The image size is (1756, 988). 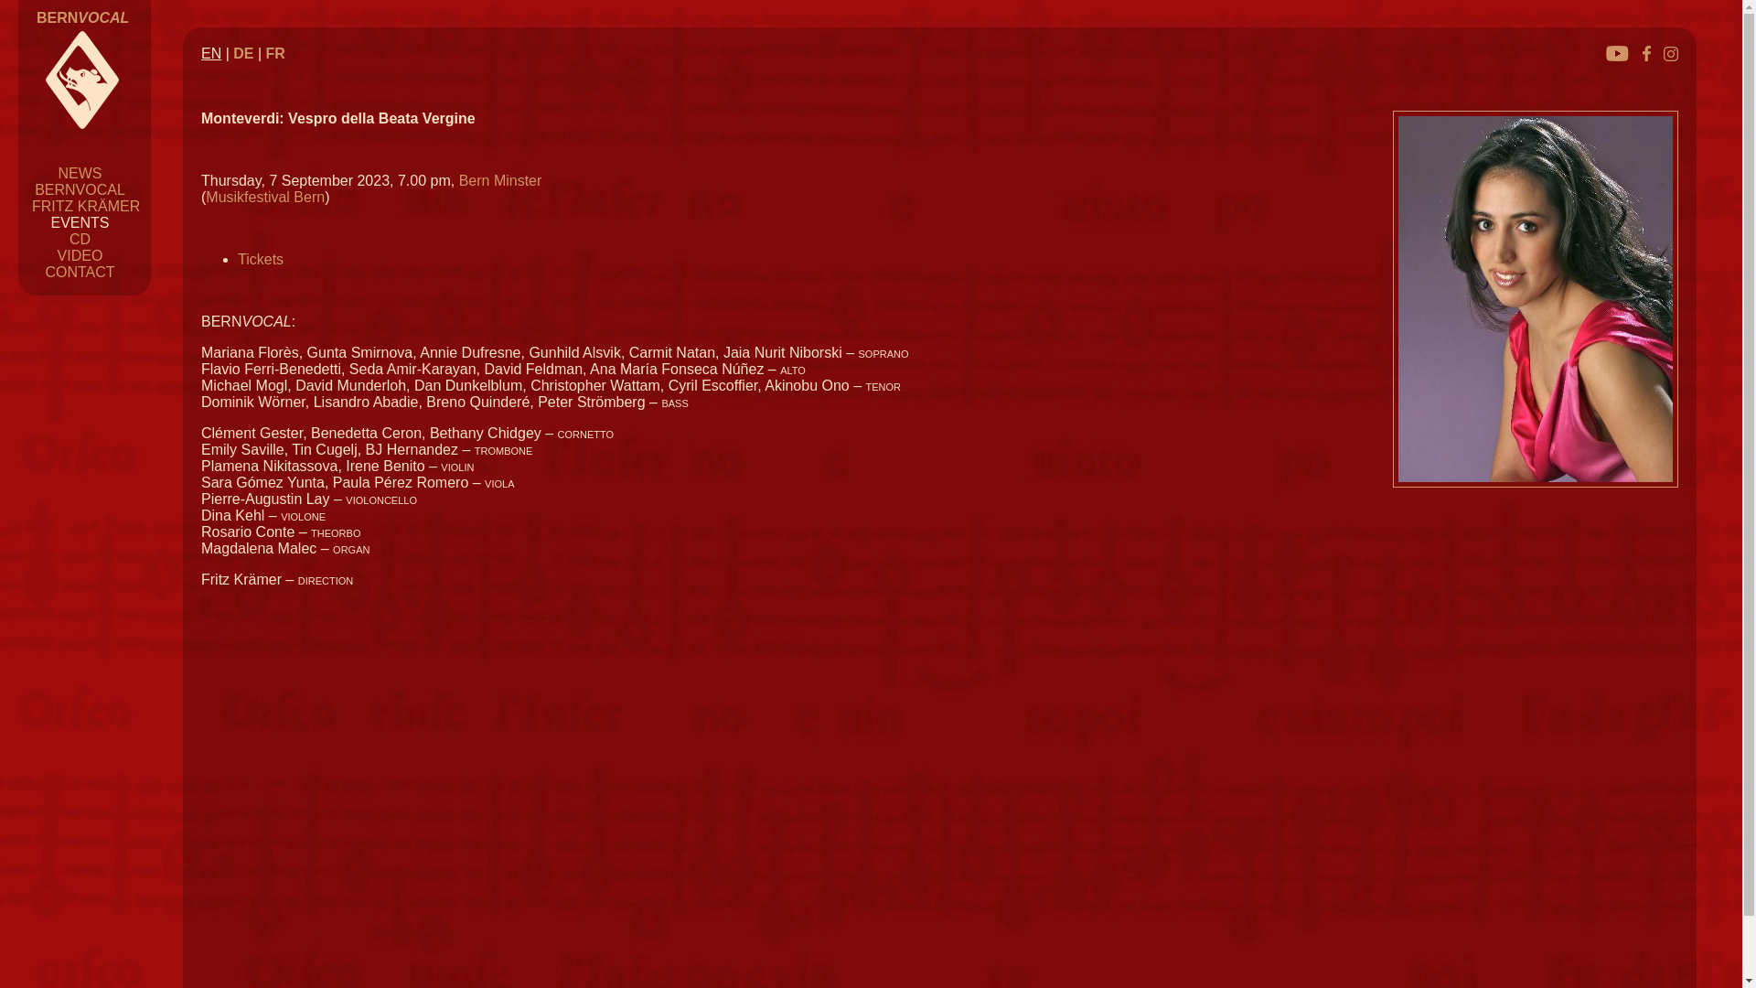 I want to click on 'FR', so click(x=274, y=52).